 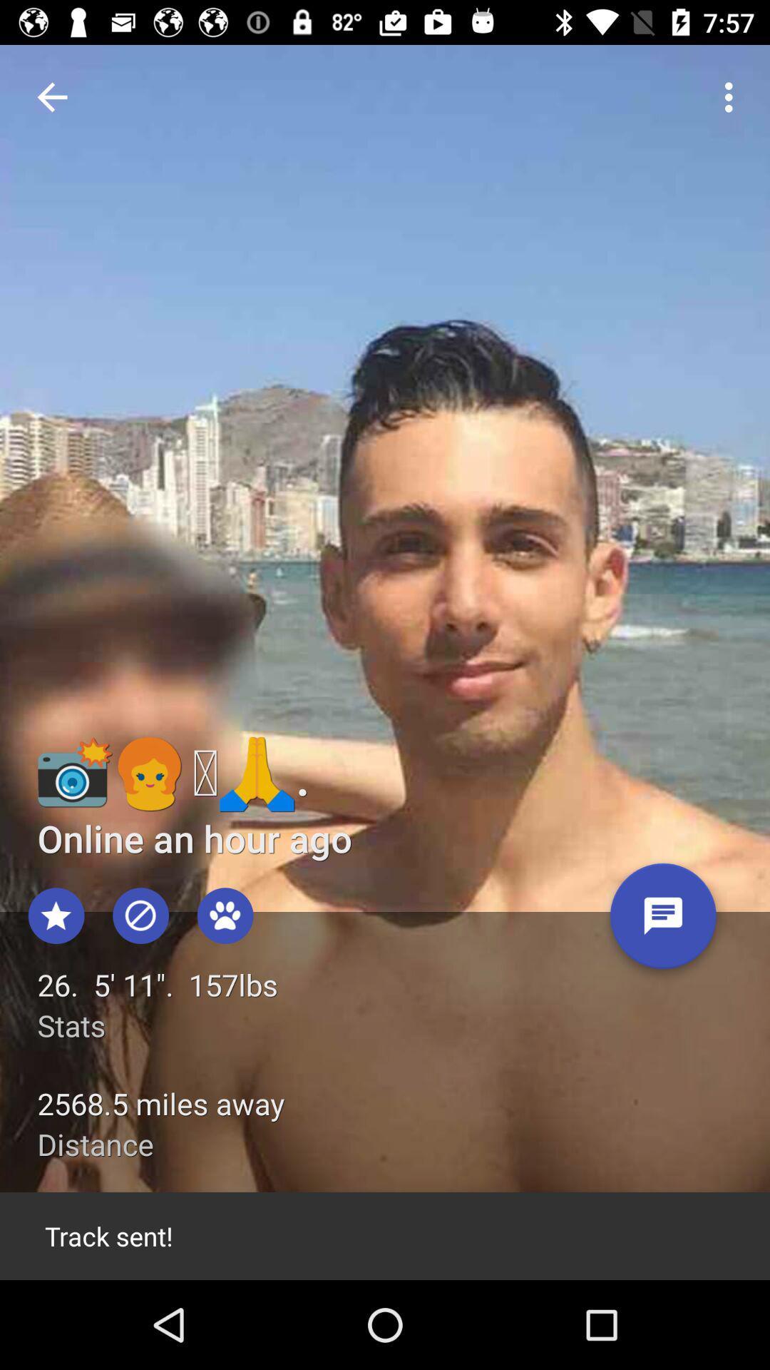 What do you see at coordinates (663, 921) in the screenshot?
I see `icon to the right of the 26 5 11 icon` at bounding box center [663, 921].